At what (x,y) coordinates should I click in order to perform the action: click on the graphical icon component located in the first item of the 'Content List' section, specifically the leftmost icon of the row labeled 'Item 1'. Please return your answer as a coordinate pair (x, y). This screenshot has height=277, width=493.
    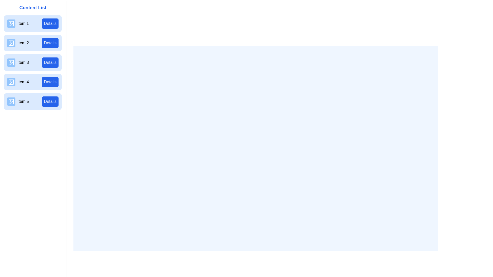
    Looking at the image, I should click on (12, 25).